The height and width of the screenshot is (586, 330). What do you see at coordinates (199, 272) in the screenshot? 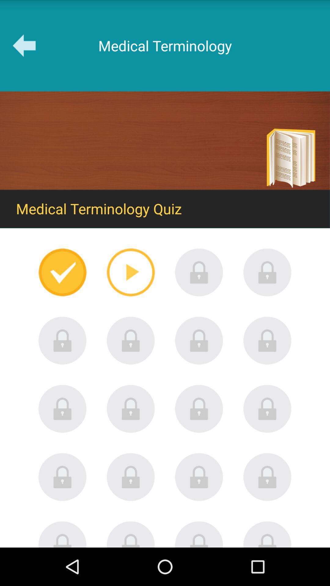
I see `it is locked` at bounding box center [199, 272].